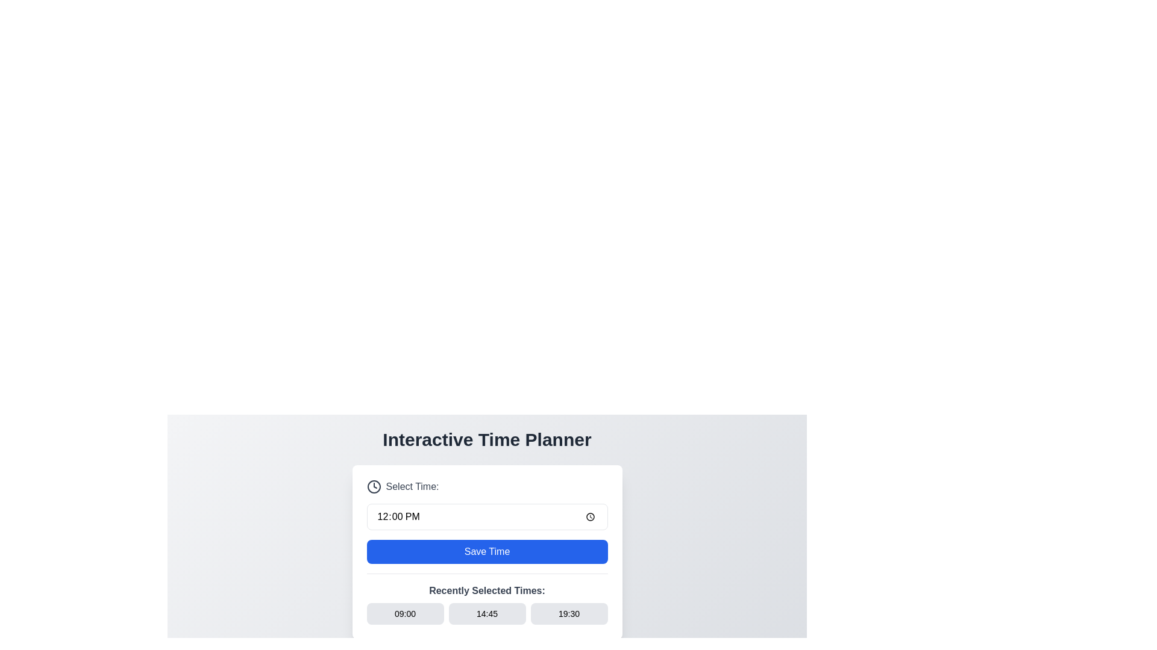 The width and height of the screenshot is (1157, 650). I want to click on the middle button, so click(487, 613).